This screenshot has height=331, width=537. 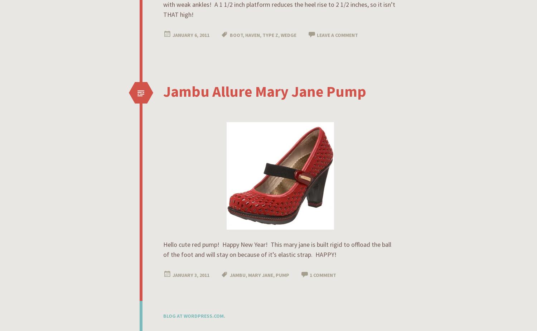 I want to click on 'wedge', so click(x=288, y=35).